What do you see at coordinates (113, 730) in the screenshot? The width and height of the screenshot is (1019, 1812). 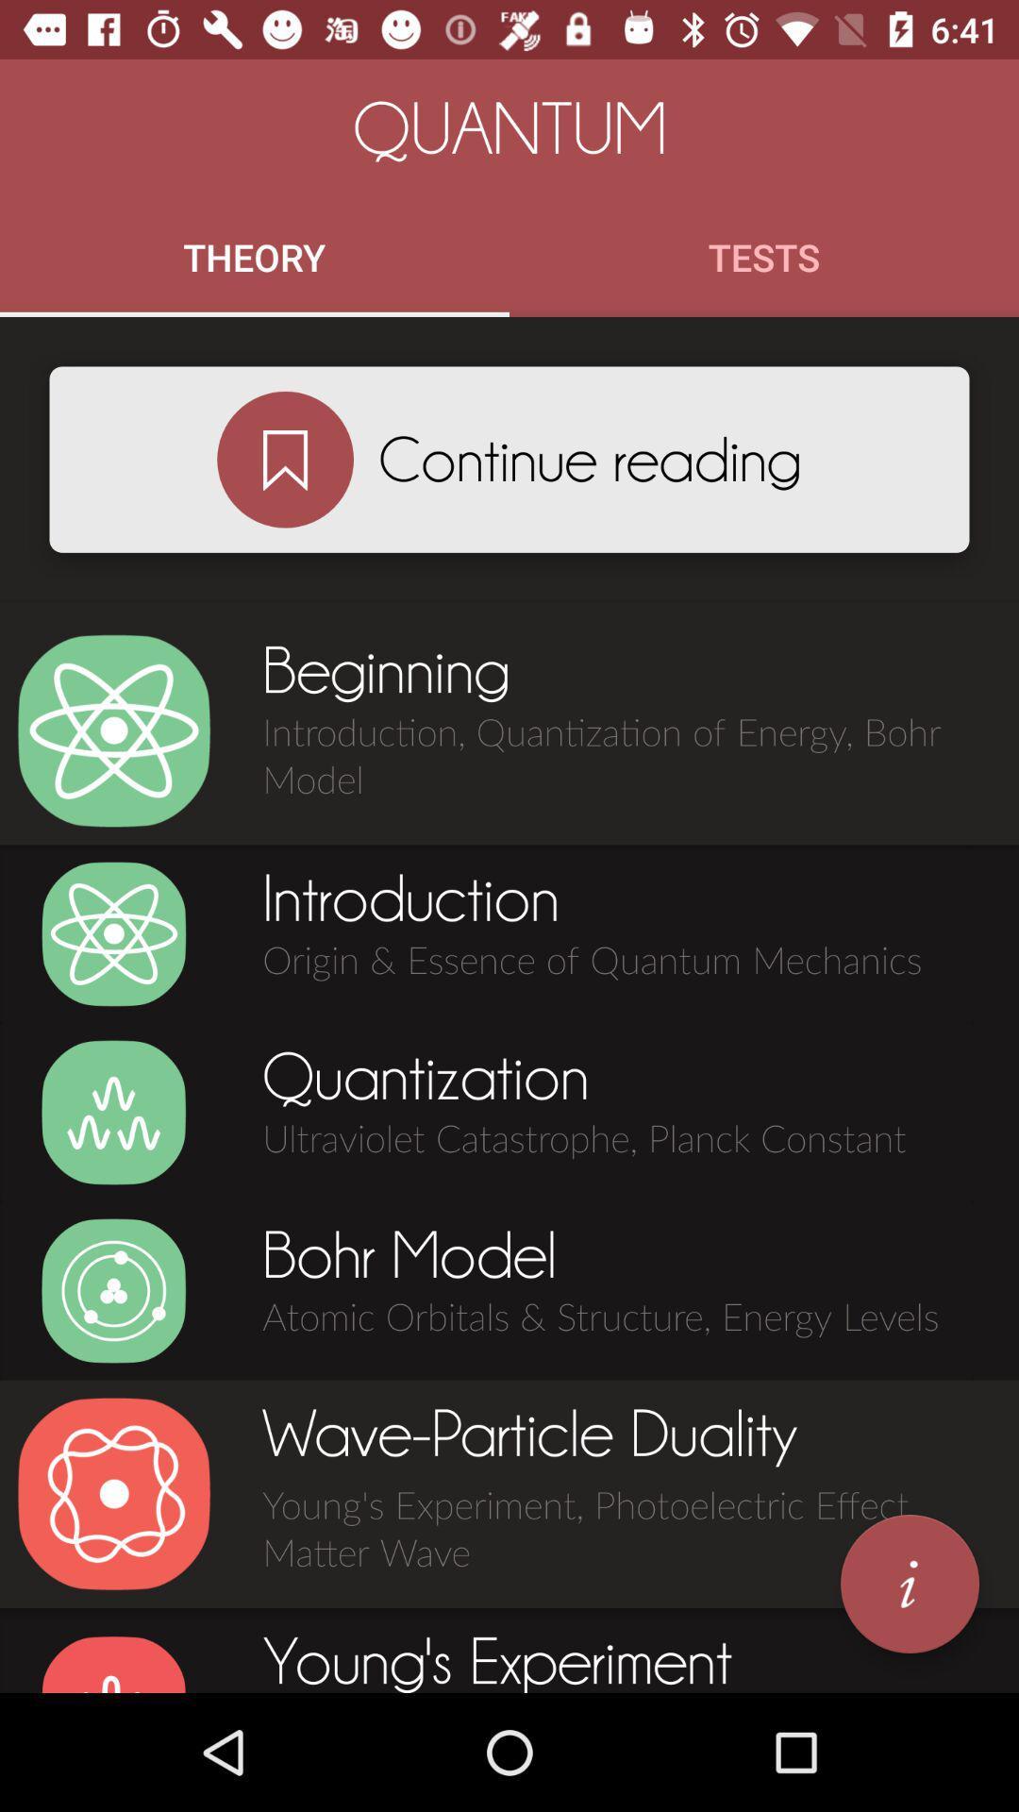 I see `the symbol which is to the immediate left of the beginning` at bounding box center [113, 730].